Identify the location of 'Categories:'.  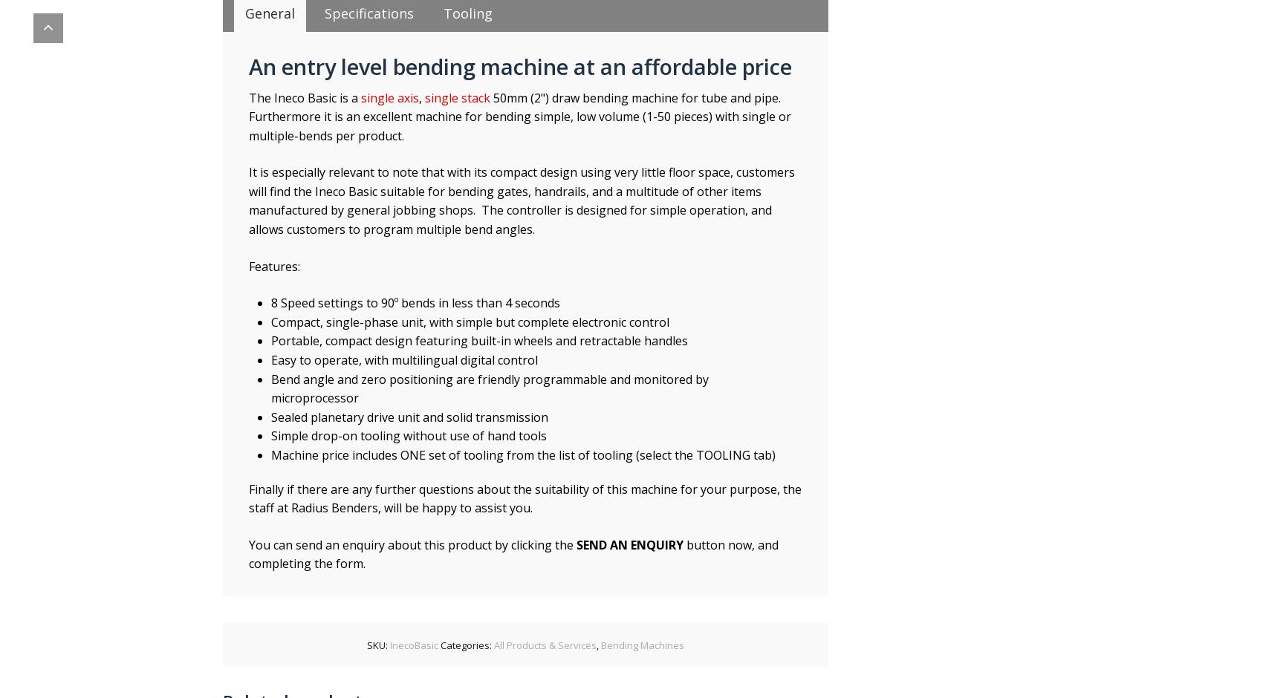
(467, 645).